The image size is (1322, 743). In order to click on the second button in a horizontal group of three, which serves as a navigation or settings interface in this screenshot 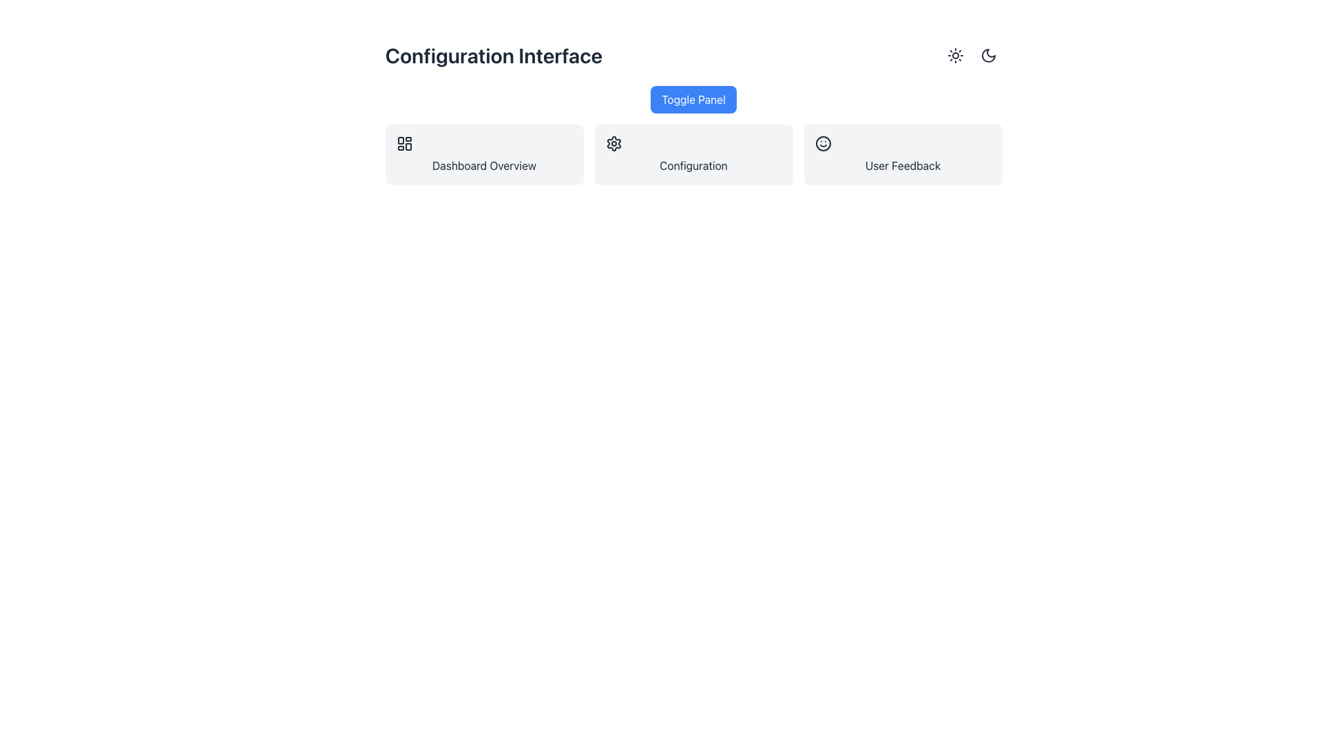, I will do `click(693, 154)`.